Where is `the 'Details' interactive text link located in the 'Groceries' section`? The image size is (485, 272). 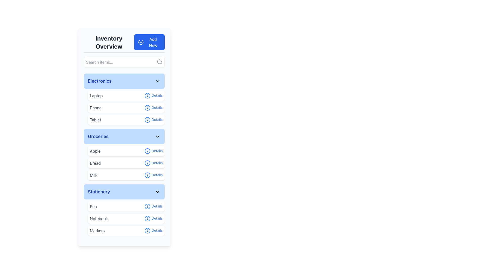 the 'Details' interactive text link located in the 'Groceries' section is located at coordinates (153, 151).